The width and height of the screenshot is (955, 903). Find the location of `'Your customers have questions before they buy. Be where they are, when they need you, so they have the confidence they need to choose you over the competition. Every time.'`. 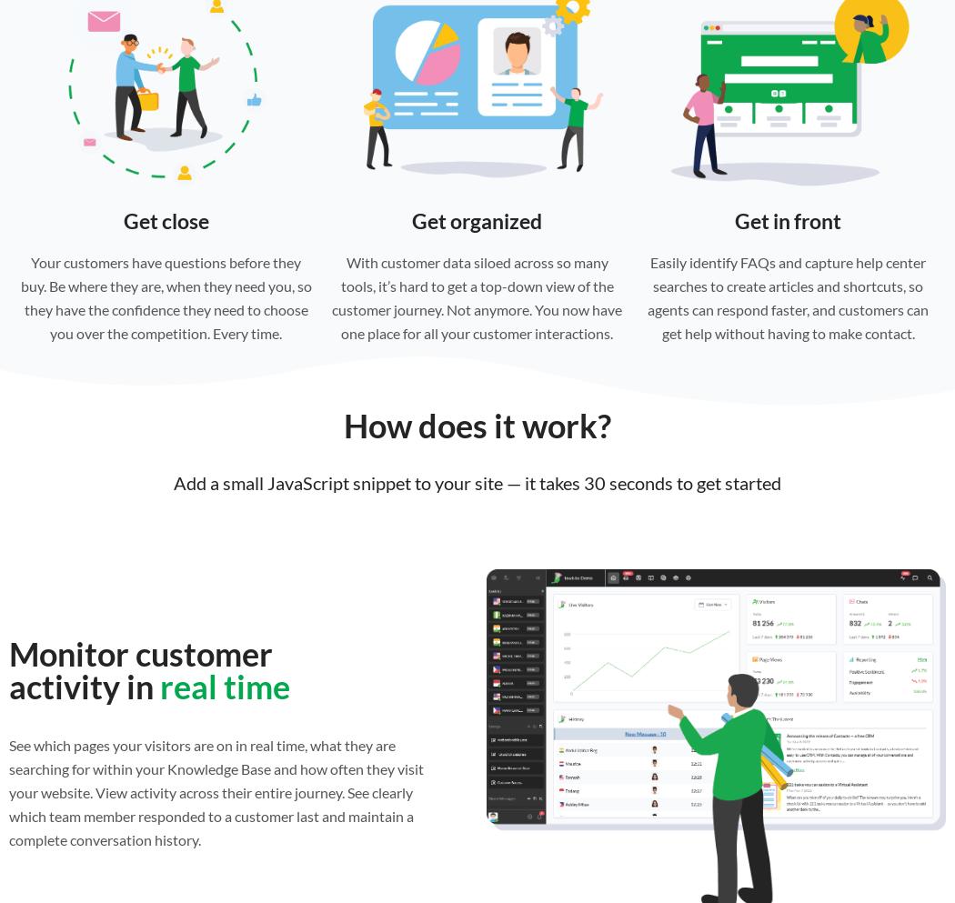

'Your customers have questions before they buy. Be where they are, when they need you, so they have the confidence they need to choose you over the competition. Every time.' is located at coordinates (165, 296).